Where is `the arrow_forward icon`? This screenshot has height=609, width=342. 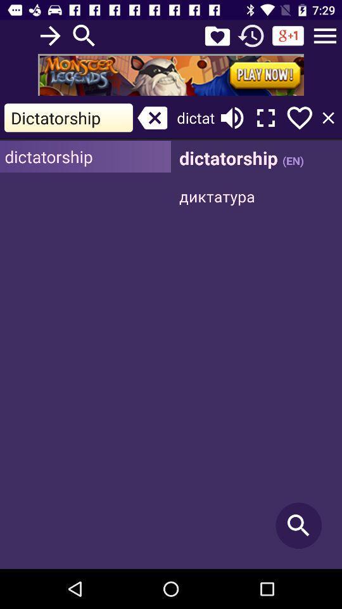
the arrow_forward icon is located at coordinates (49, 35).